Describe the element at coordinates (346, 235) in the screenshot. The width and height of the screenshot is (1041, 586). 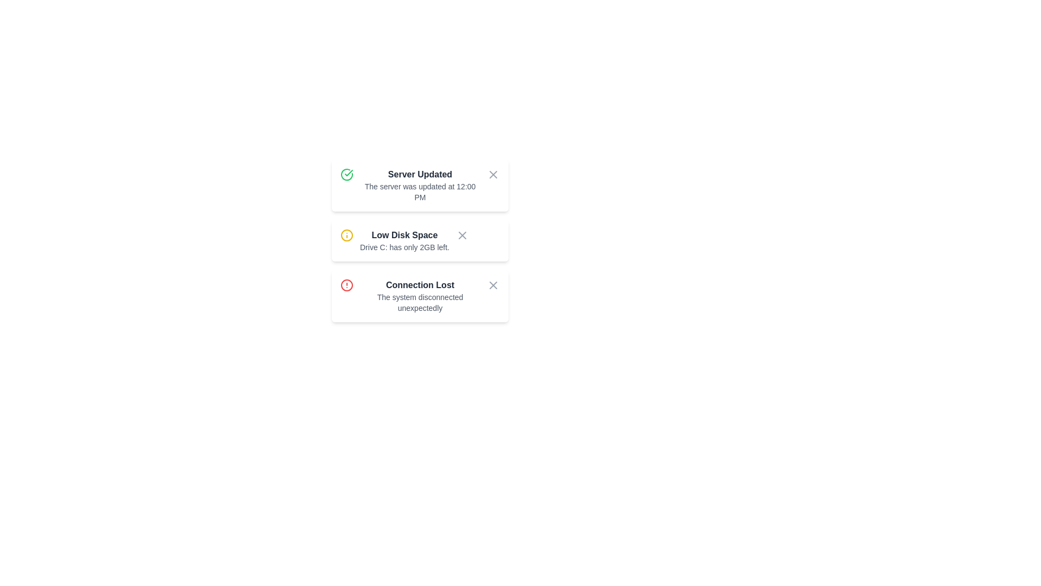
I see `the circular yellow icon within the 'Low Disk Space' notification block, which is the second notification in the list` at that location.